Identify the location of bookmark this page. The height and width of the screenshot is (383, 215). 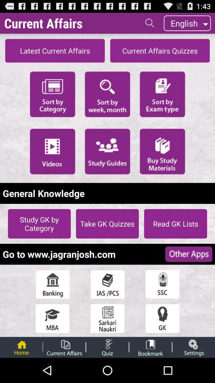
(150, 347).